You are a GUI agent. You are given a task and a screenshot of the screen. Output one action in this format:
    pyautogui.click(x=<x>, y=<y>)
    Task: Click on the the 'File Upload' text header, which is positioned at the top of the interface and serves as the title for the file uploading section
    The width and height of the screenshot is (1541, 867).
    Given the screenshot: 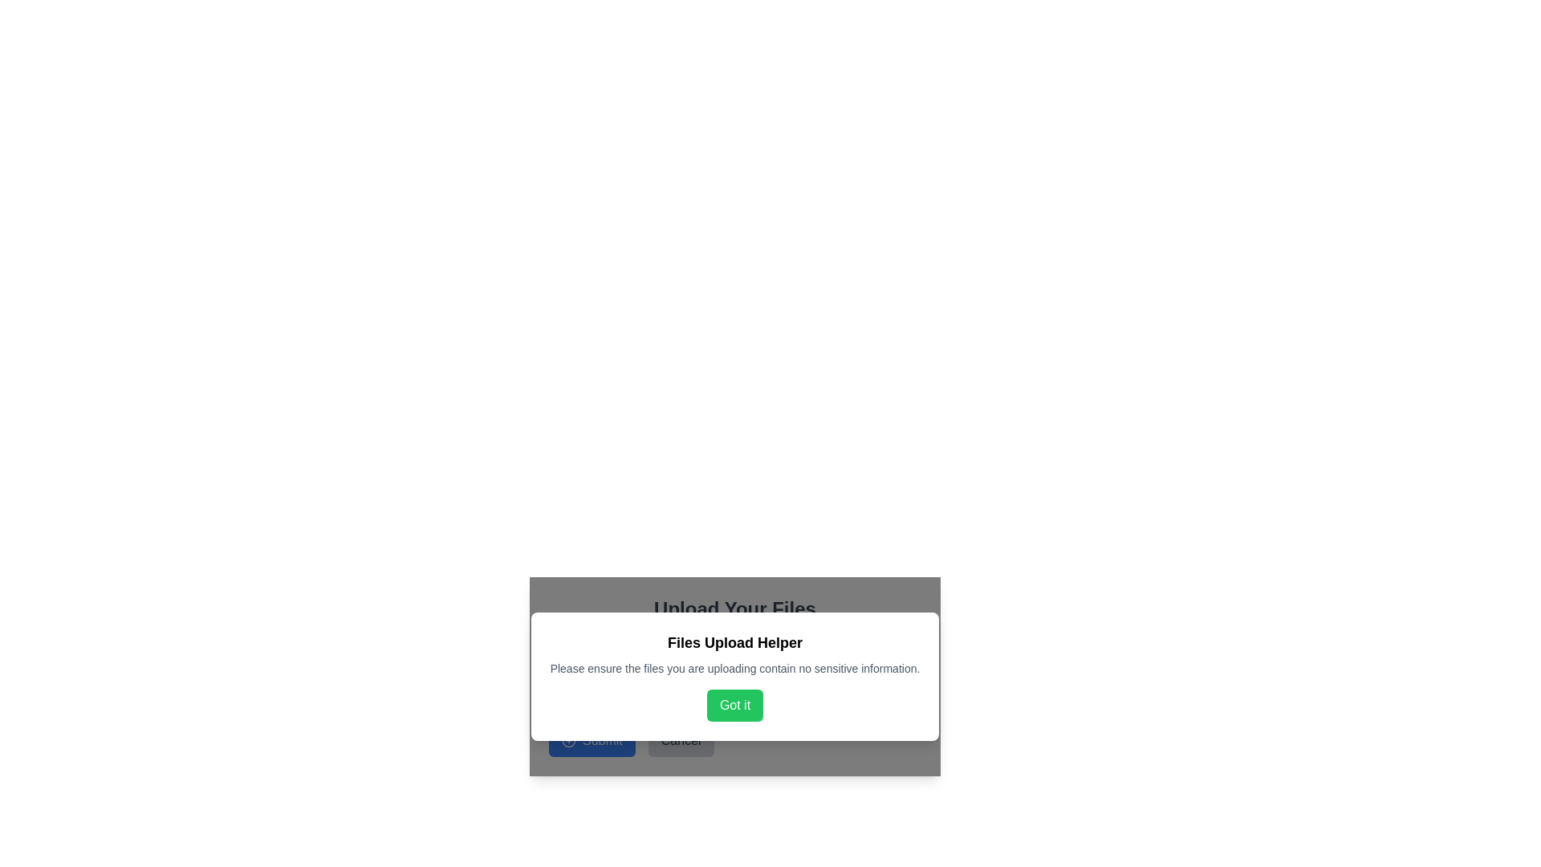 What is the action you would take?
    pyautogui.click(x=734, y=609)
    